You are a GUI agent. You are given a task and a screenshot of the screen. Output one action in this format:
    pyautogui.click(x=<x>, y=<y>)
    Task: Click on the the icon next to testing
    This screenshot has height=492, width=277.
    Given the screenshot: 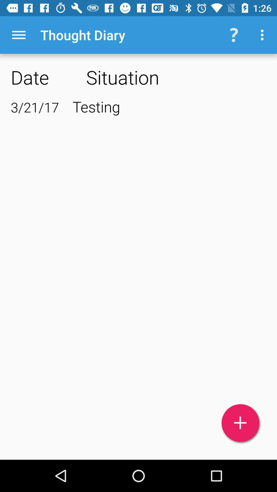 What is the action you would take?
    pyautogui.click(x=35, y=107)
    